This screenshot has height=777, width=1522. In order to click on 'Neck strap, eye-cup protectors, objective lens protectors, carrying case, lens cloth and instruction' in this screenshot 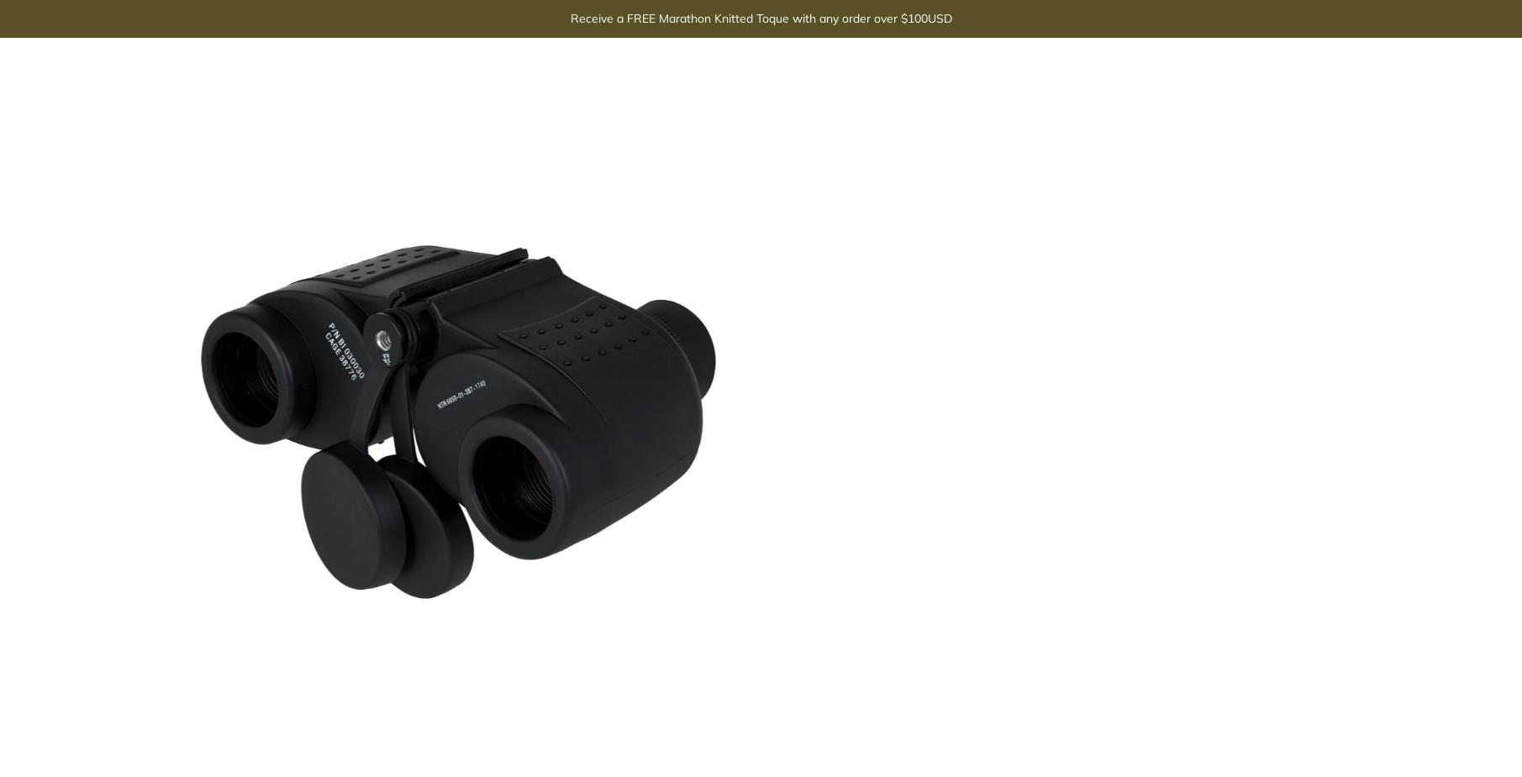, I will do `click(1082, 260)`.